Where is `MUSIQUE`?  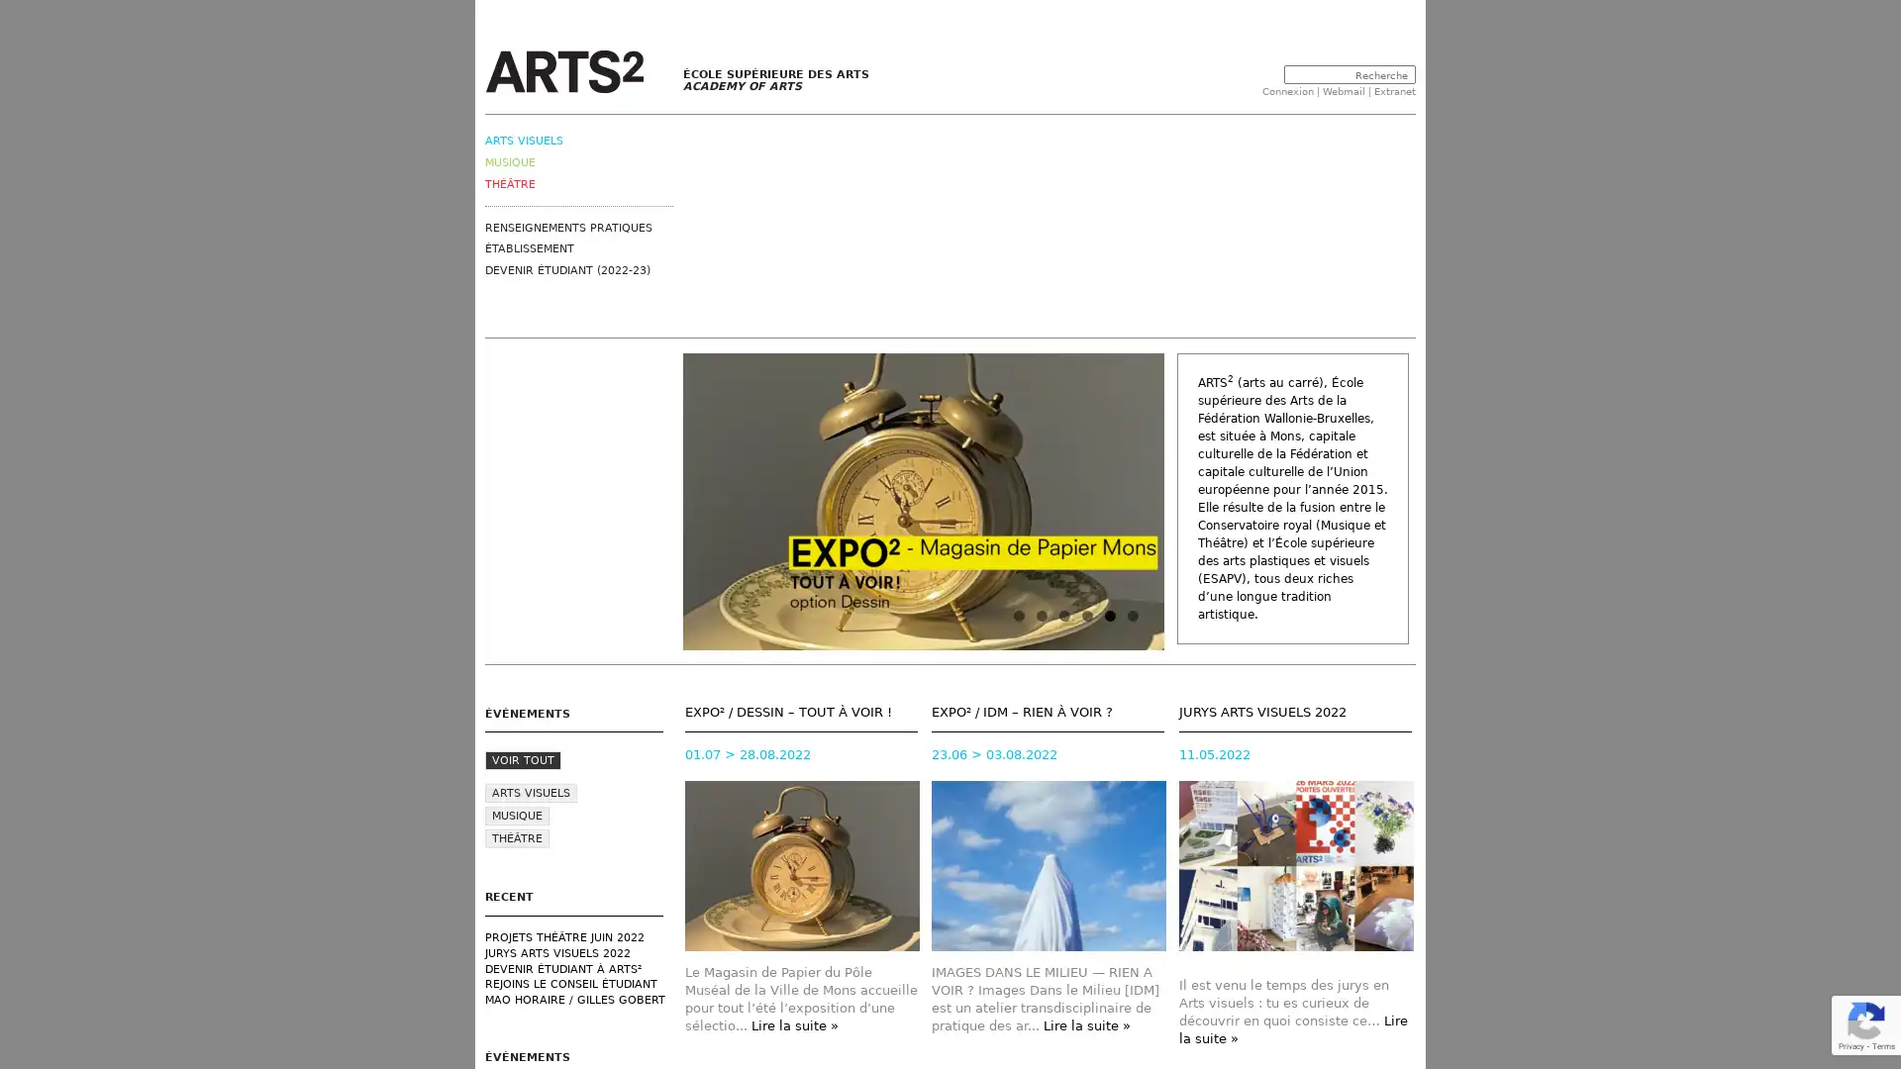 MUSIQUE is located at coordinates (517, 816).